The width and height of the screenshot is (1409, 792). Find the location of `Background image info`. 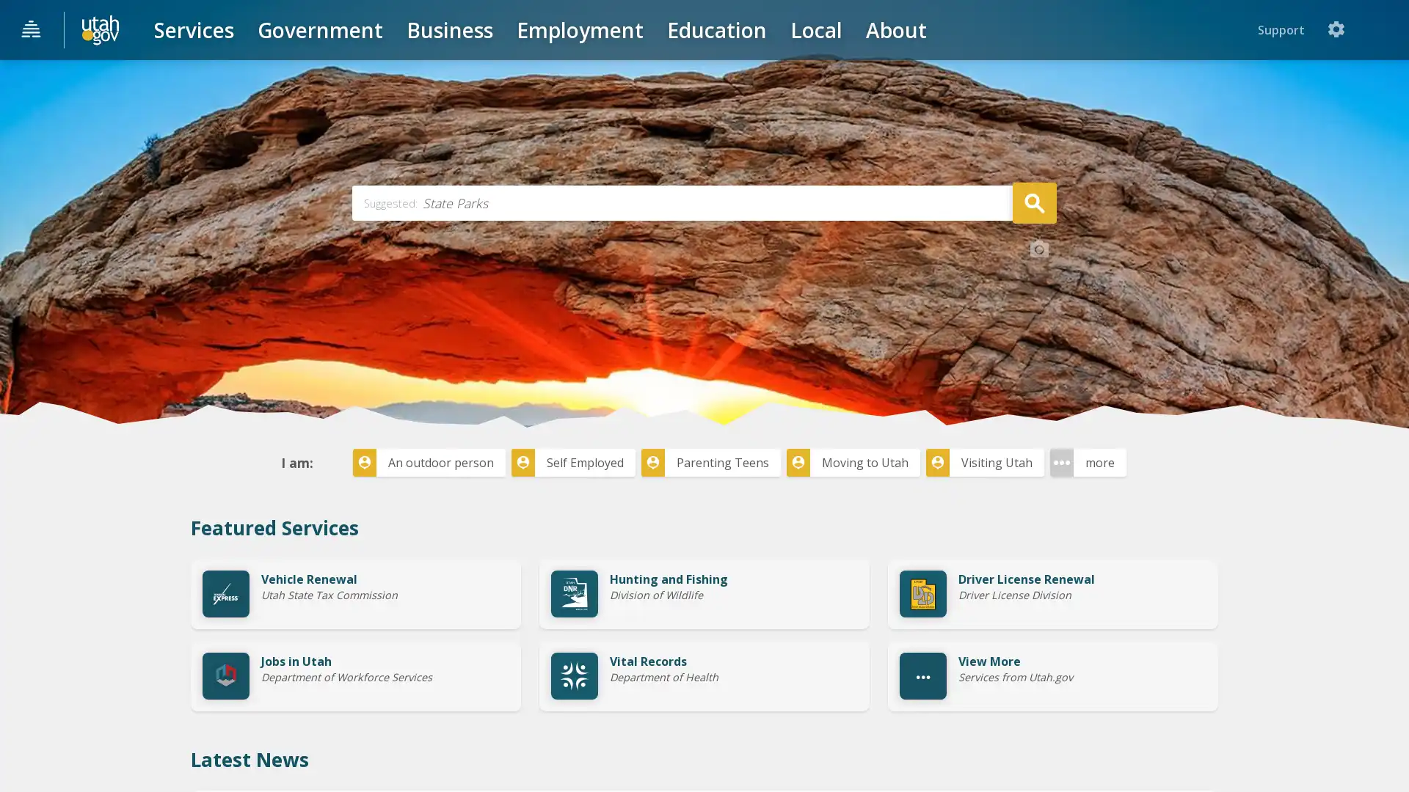

Background image info is located at coordinates (1038, 359).